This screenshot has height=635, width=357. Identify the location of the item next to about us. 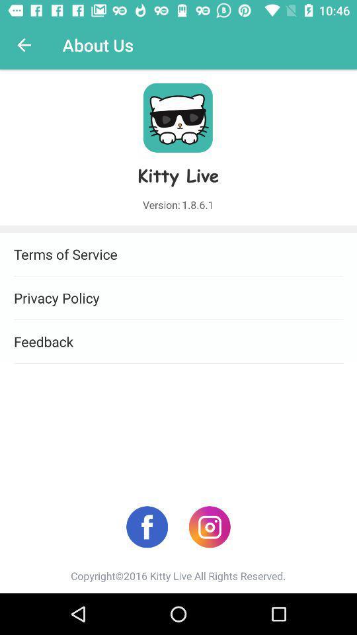
(24, 45).